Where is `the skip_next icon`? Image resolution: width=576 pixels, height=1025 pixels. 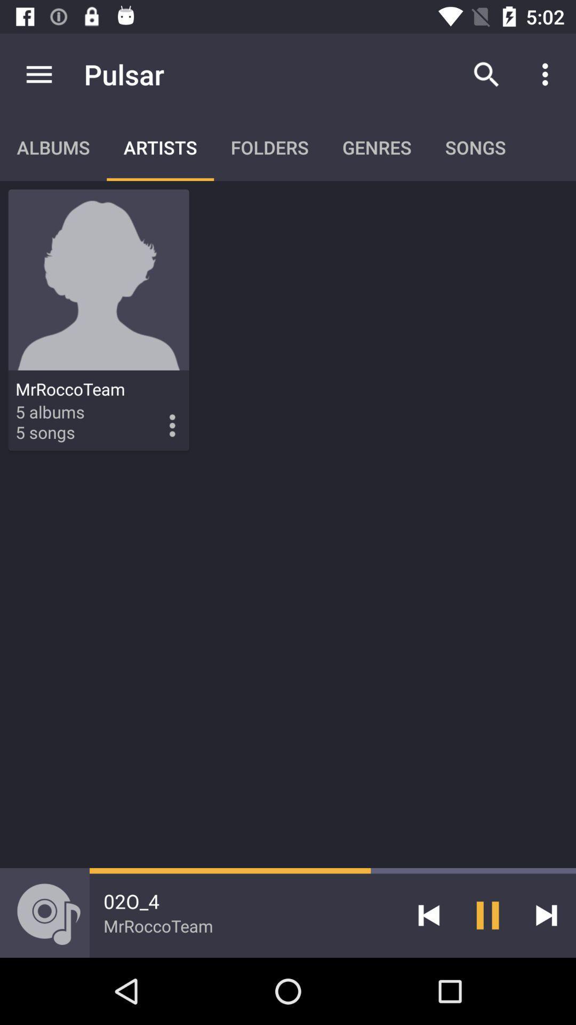
the skip_next icon is located at coordinates (546, 914).